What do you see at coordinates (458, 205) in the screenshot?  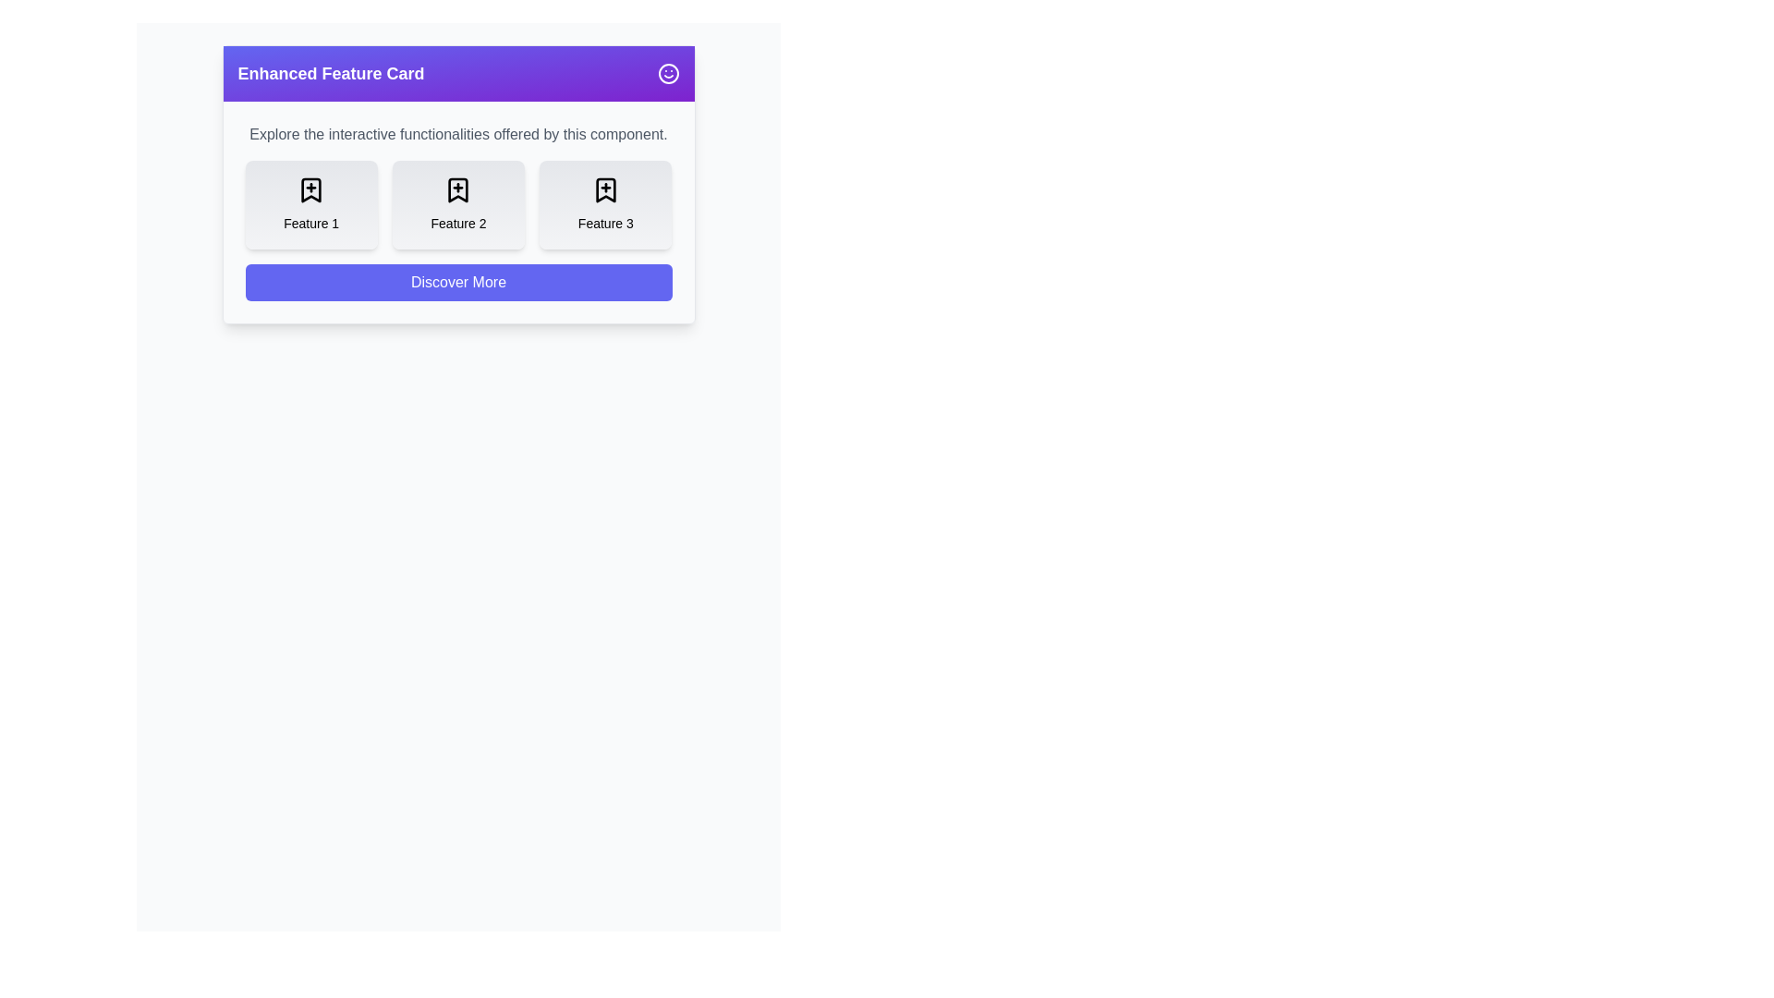 I see `the card in the grid layout that is centrally positioned below the description text and above the 'Discover More' button` at bounding box center [458, 205].